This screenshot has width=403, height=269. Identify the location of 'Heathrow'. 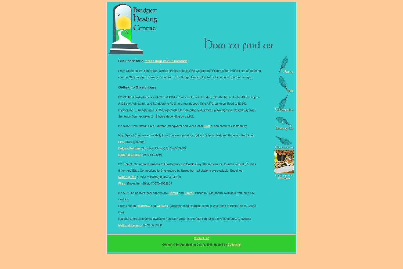
(143, 206).